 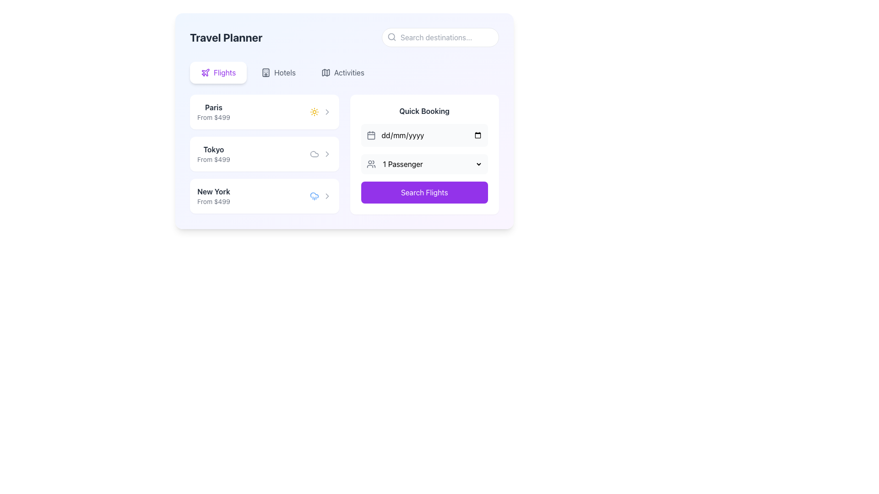 I want to click on the gray right-facing chevron icon located beside the 'New York' flight option in the flights section, so click(x=327, y=195).